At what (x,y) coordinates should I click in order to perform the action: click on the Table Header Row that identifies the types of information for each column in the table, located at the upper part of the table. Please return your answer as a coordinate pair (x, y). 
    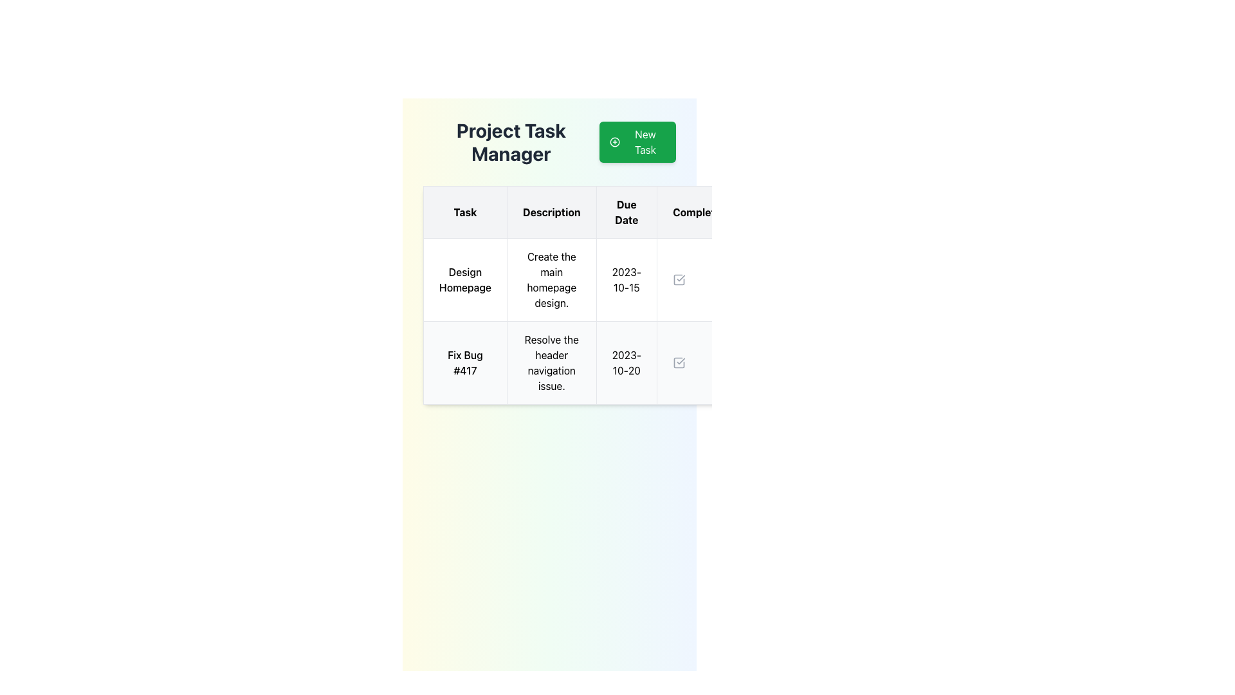
    Looking at the image, I should click on (614, 212).